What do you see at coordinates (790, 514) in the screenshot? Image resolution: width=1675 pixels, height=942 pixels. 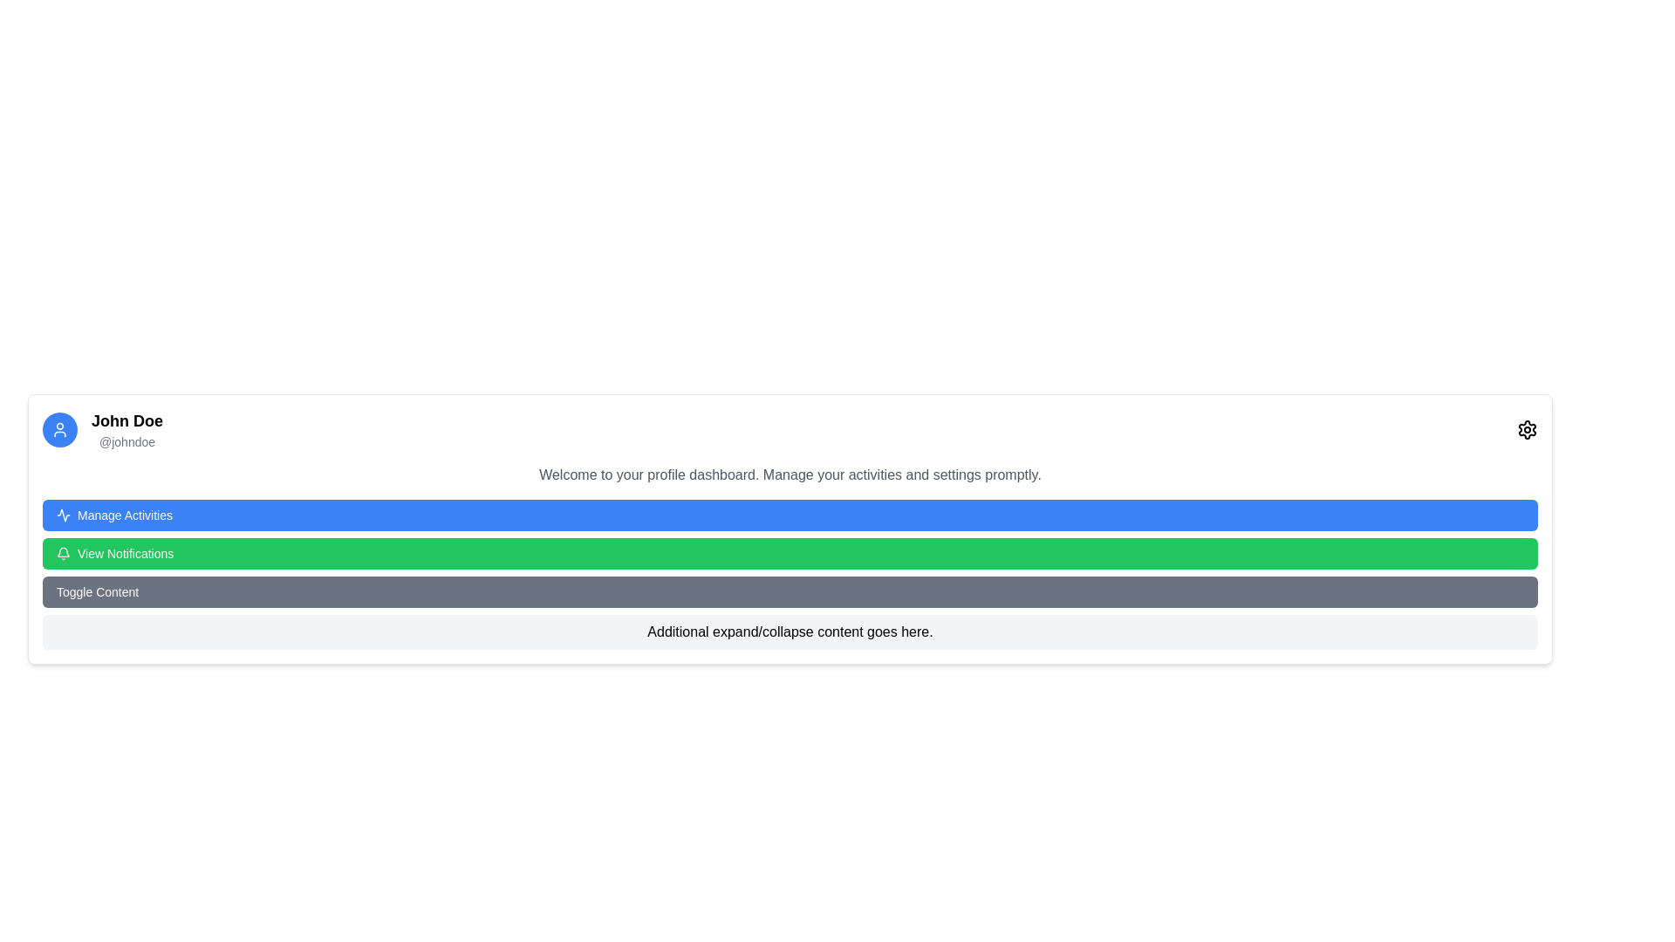 I see `the first button in the vertical stack of interactive buttons` at bounding box center [790, 514].